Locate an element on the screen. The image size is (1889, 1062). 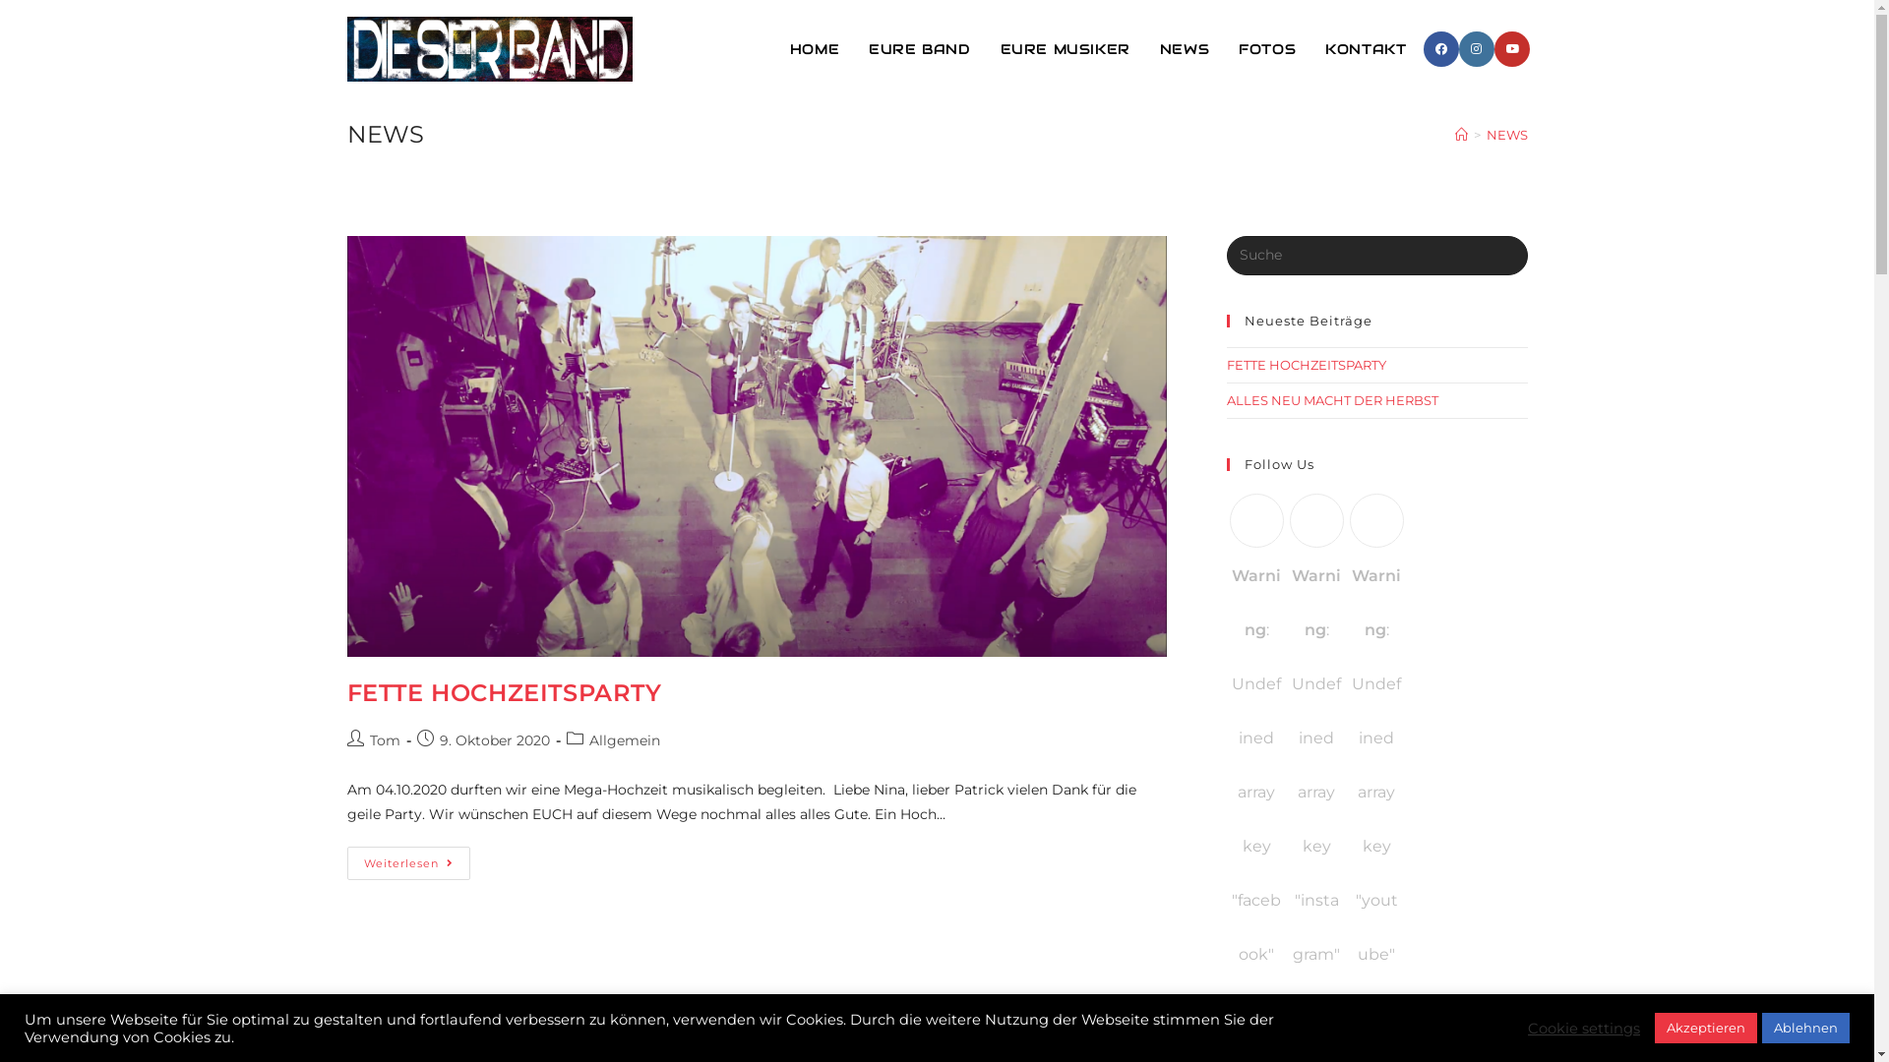
'Cookie settings' is located at coordinates (1583, 1027).